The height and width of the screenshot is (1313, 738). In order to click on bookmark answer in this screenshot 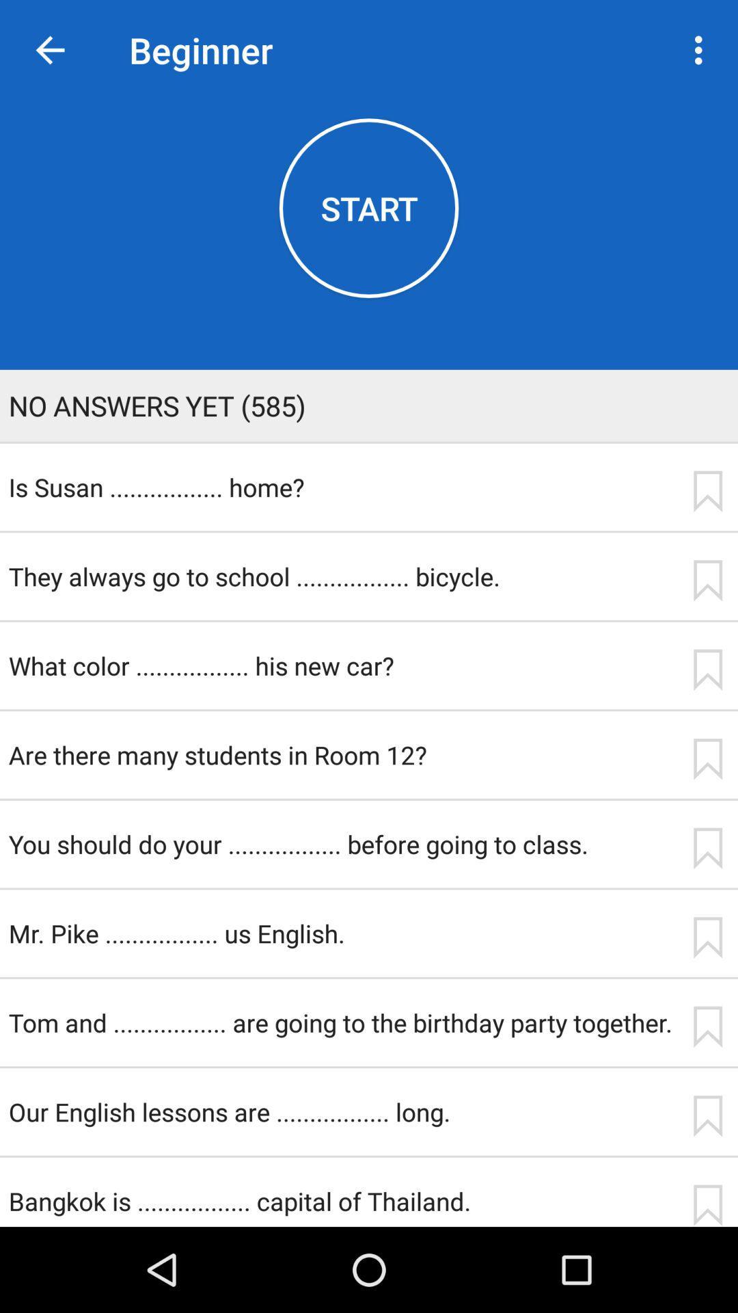, I will do `click(707, 1205)`.